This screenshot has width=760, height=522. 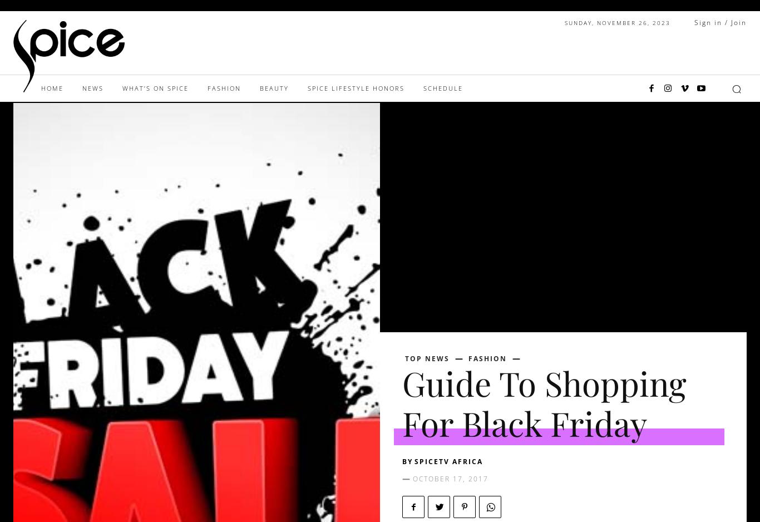 What do you see at coordinates (274, 88) in the screenshot?
I see `'Beauty'` at bounding box center [274, 88].